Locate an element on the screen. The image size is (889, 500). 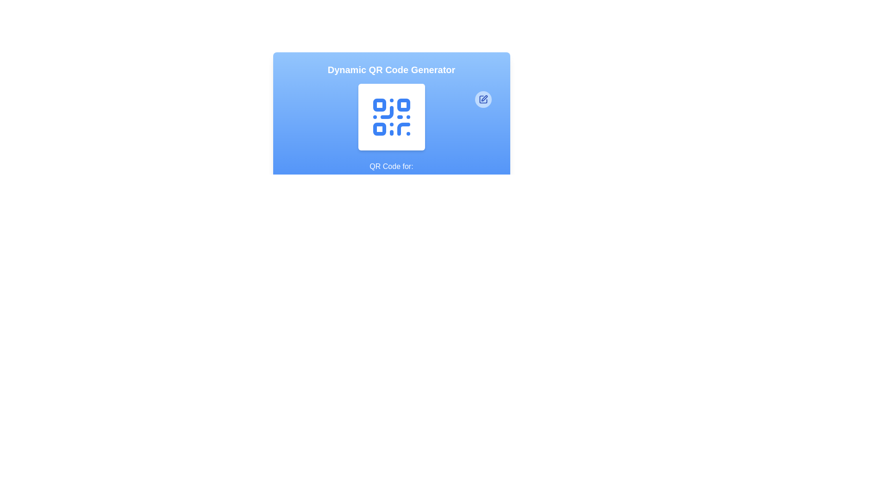
the iconic graphical detail located in the lower-right quadrant of the QR code graphic, which is part of its intricate pattern is located at coordinates (403, 129).